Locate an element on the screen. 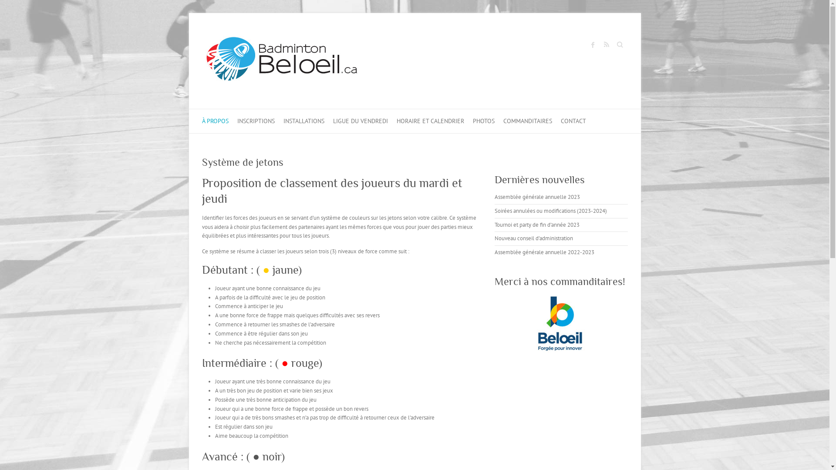  'PHOTOS' is located at coordinates (483, 121).